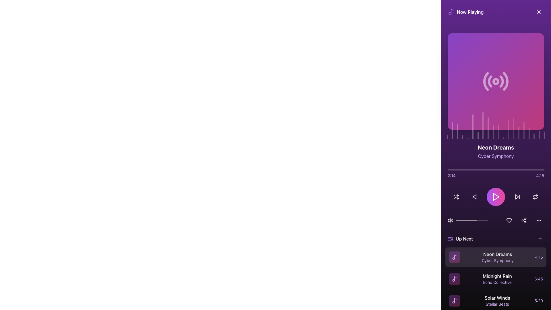  What do you see at coordinates (473, 126) in the screenshot?
I see `the 6th vertical bar of the visual indicator (bar chart component) styled with rounded edges and a semi-transparent white color, which is part of a waveform or volume level display` at bounding box center [473, 126].